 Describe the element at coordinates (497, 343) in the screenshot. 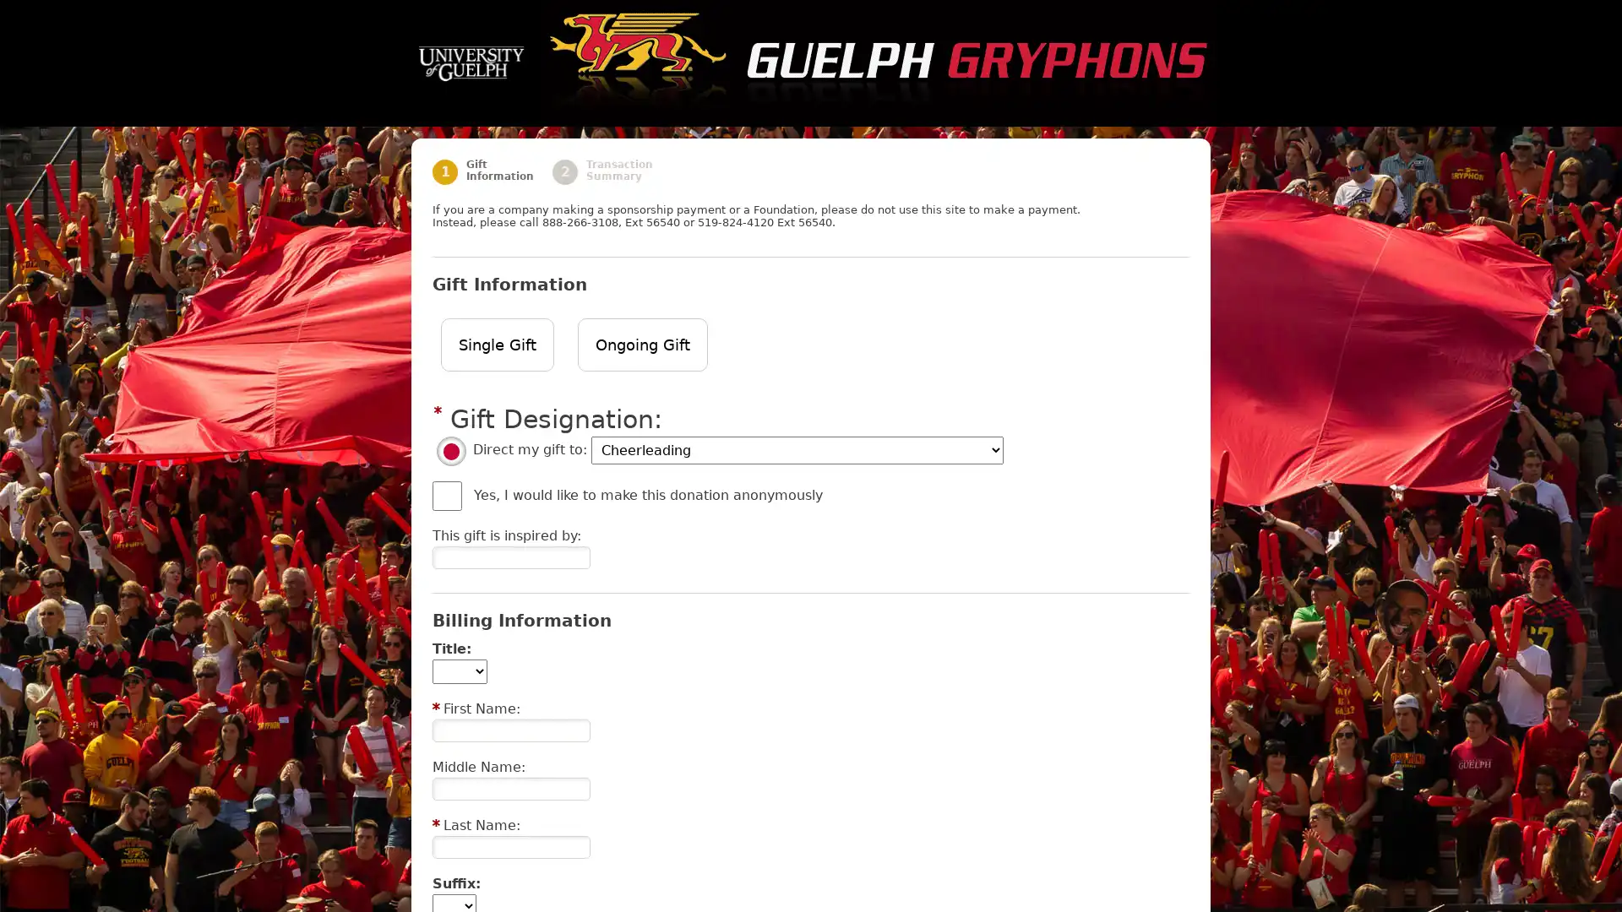

I see `Single Gift` at that location.